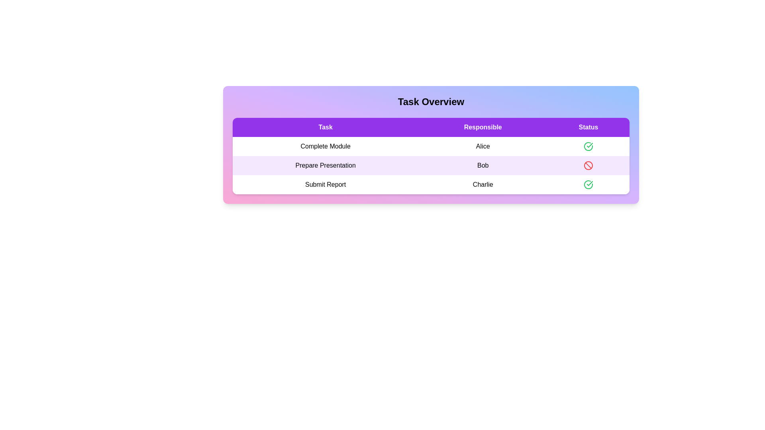  What do you see at coordinates (483, 127) in the screenshot?
I see `the second column header of the table that indicates the individuals responsible for the tasks listed below, which is positioned between the 'Task' and 'Status' headers` at bounding box center [483, 127].